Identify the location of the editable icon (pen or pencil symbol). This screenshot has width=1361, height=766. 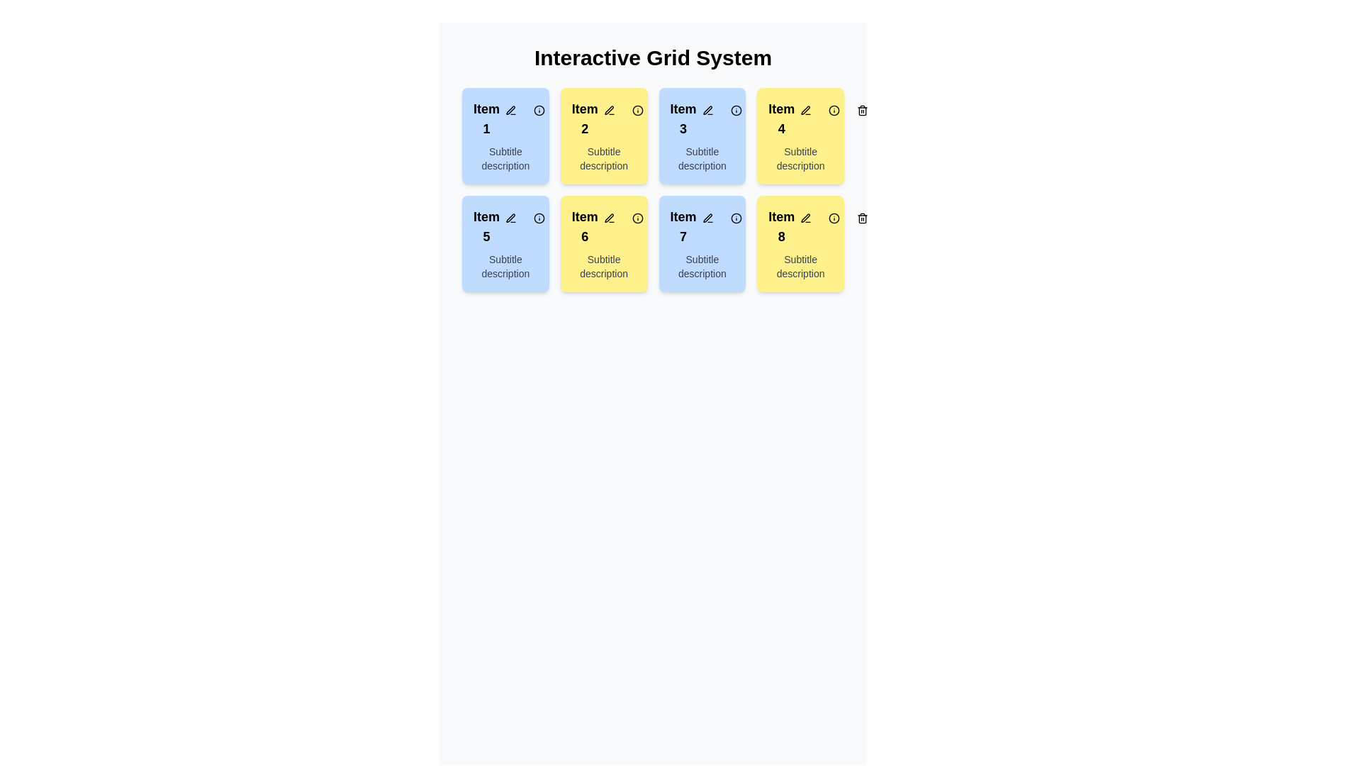
(510, 218).